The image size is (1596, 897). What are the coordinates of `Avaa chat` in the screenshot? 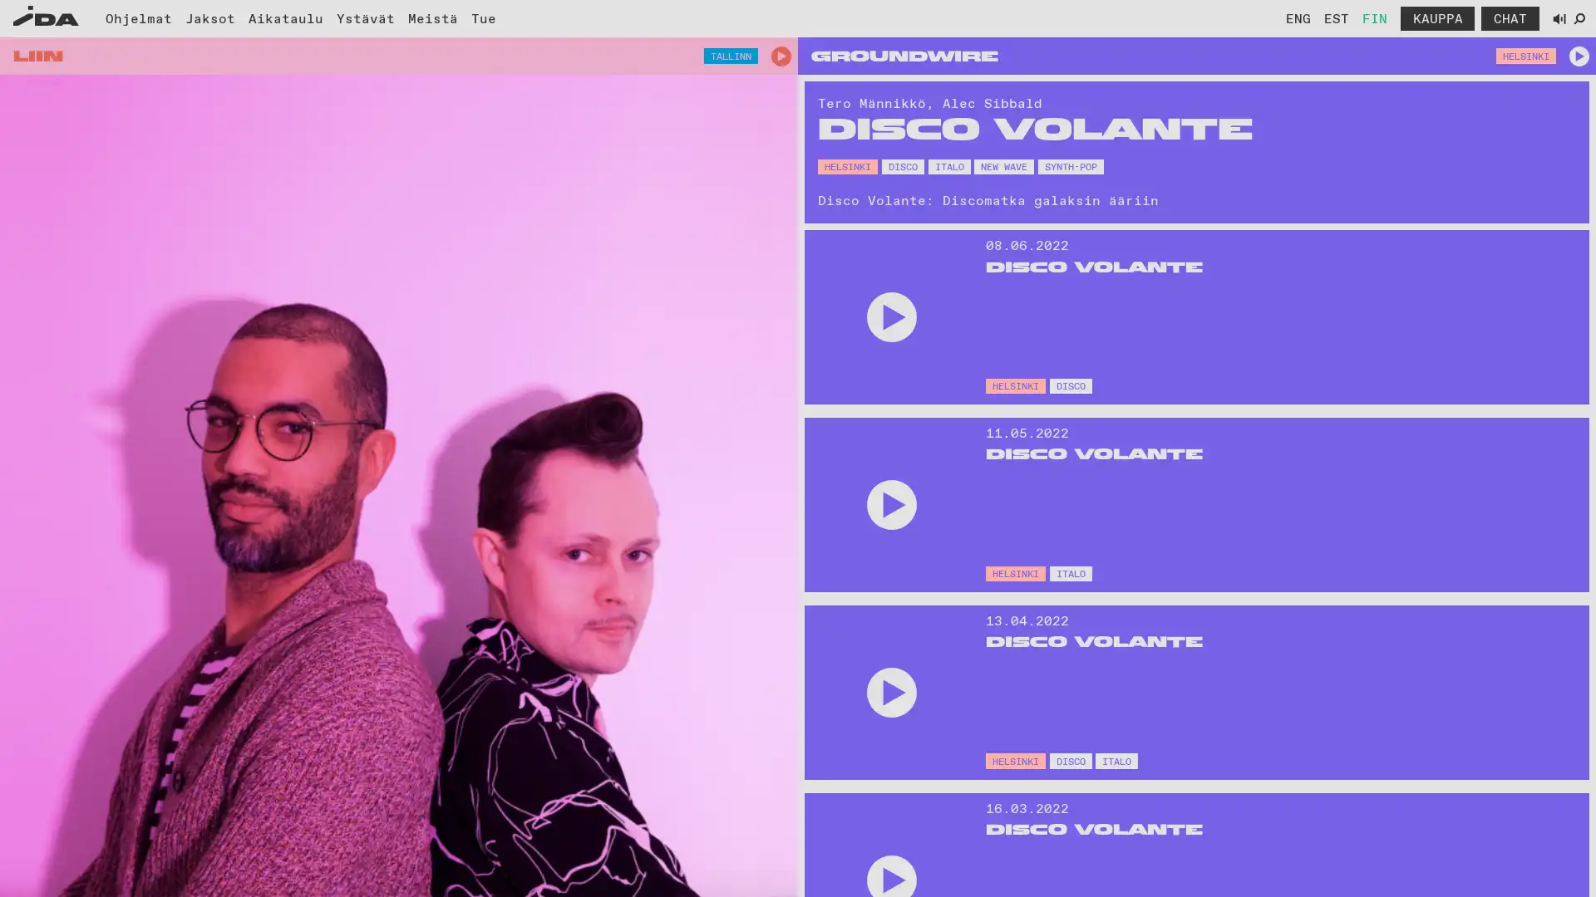 It's located at (1510, 18).